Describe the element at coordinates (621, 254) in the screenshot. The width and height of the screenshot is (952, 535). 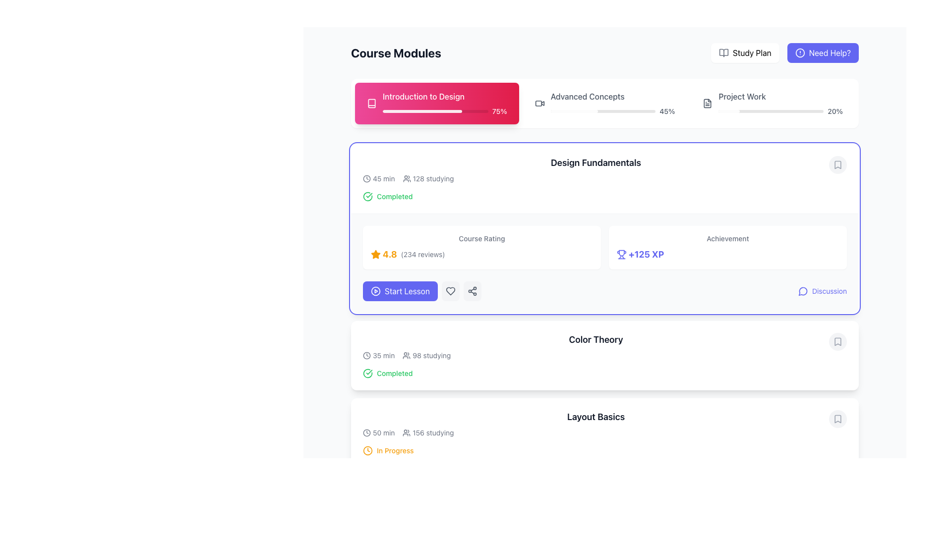
I see `the trophy icon located in the 'Achievement' section of the 'Design Fundamentals' module, which is immediately to the left of the text '+125 XP'` at that location.